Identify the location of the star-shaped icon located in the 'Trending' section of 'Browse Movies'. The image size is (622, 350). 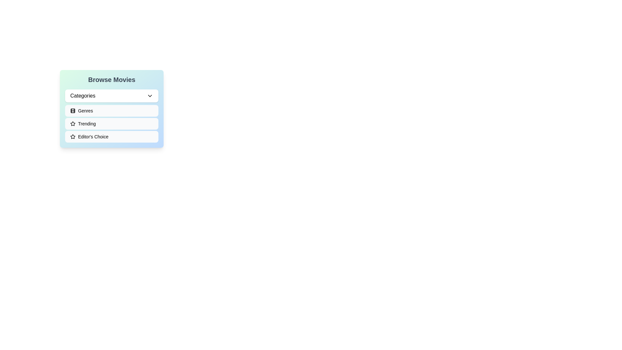
(73, 123).